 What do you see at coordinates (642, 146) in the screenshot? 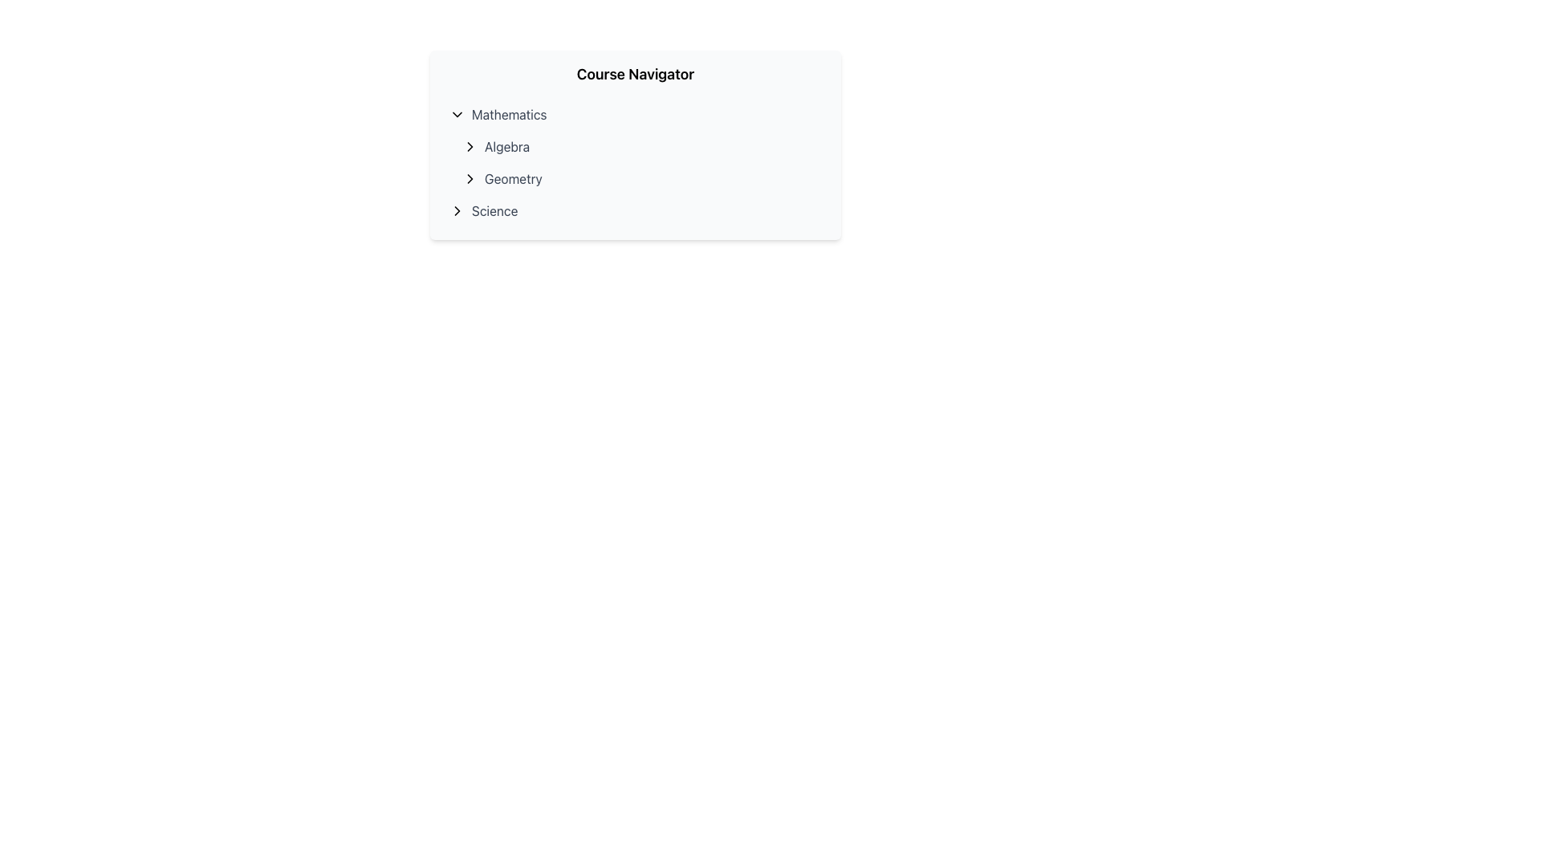
I see `the second visible Interactive List Item under the 'Mathematics' category` at bounding box center [642, 146].